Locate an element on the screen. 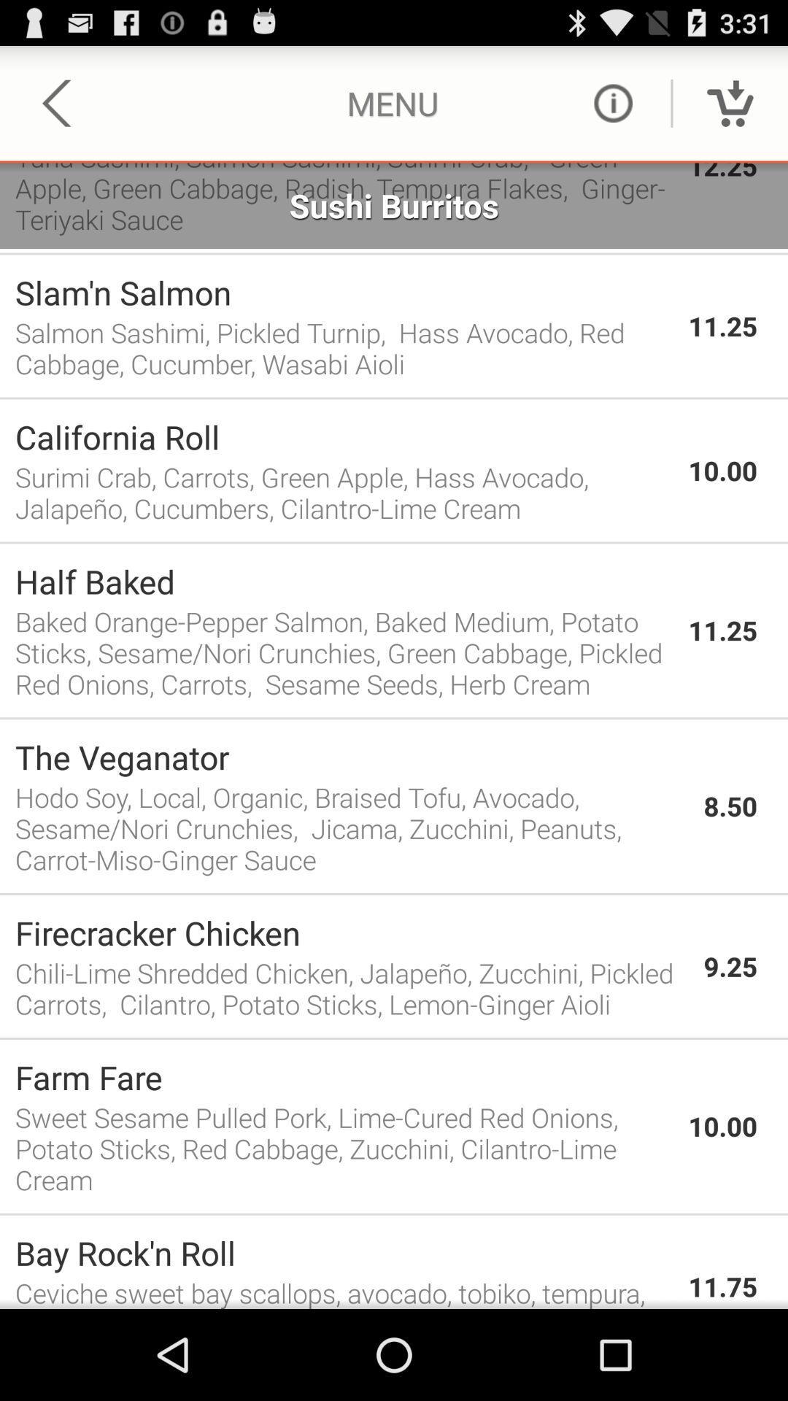  sweet sesame pulled item is located at coordinates (344, 1148).